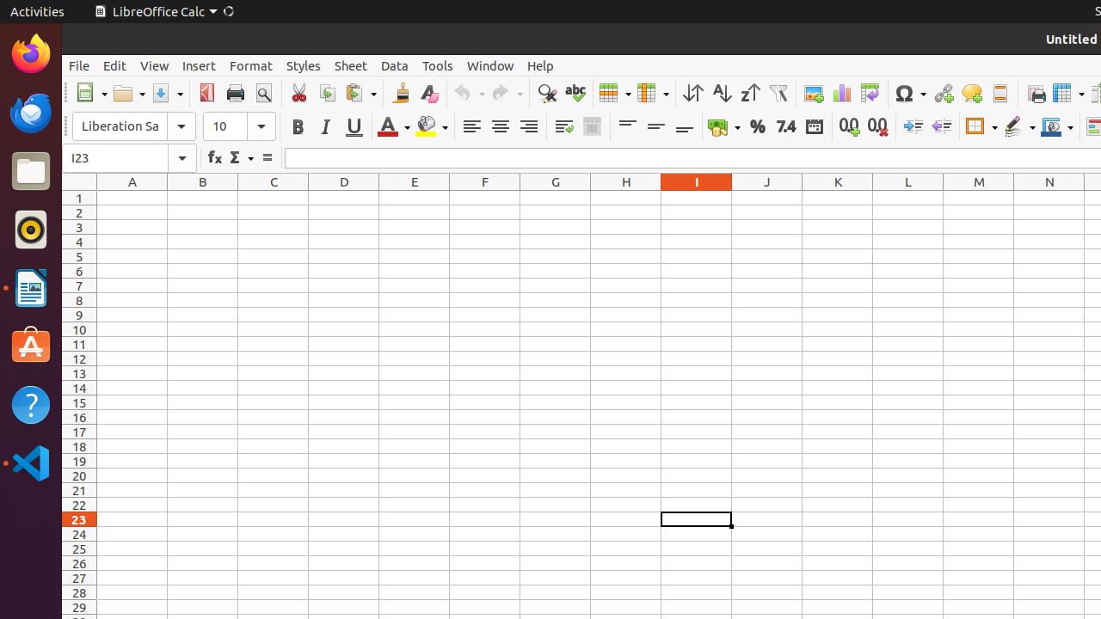 The height and width of the screenshot is (619, 1101). What do you see at coordinates (626, 126) in the screenshot?
I see `'Align Top'` at bounding box center [626, 126].